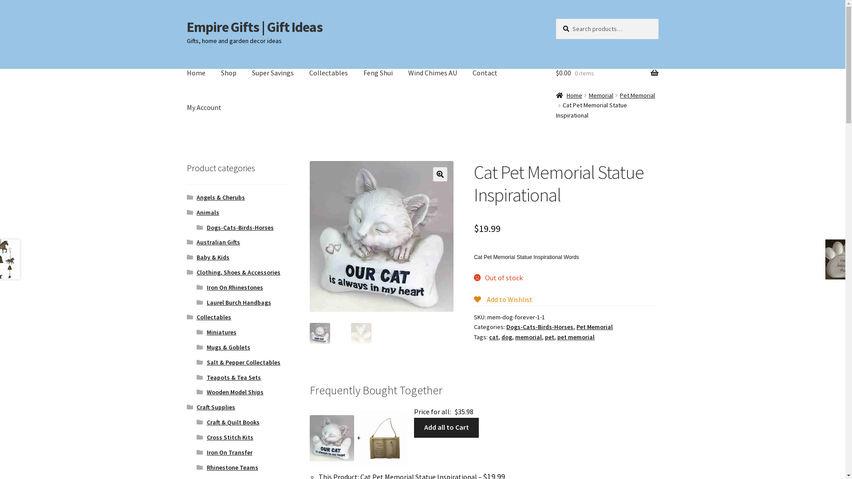  What do you see at coordinates (206, 332) in the screenshot?
I see `'Miniatures'` at bounding box center [206, 332].